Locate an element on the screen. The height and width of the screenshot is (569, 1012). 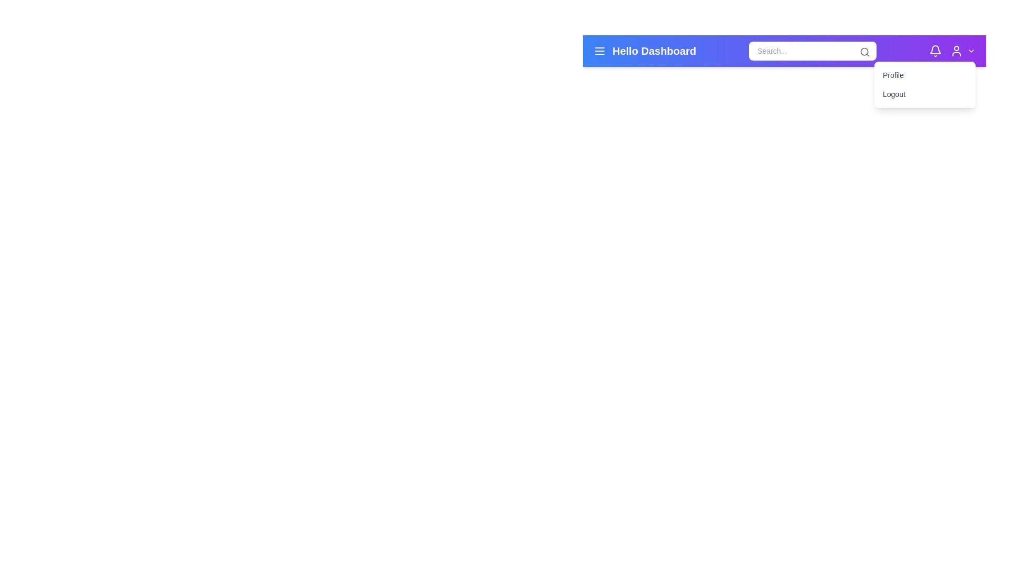
the bold text label in the top-left section of the interface, which indicates the active section of the dashboard is located at coordinates (654, 51).